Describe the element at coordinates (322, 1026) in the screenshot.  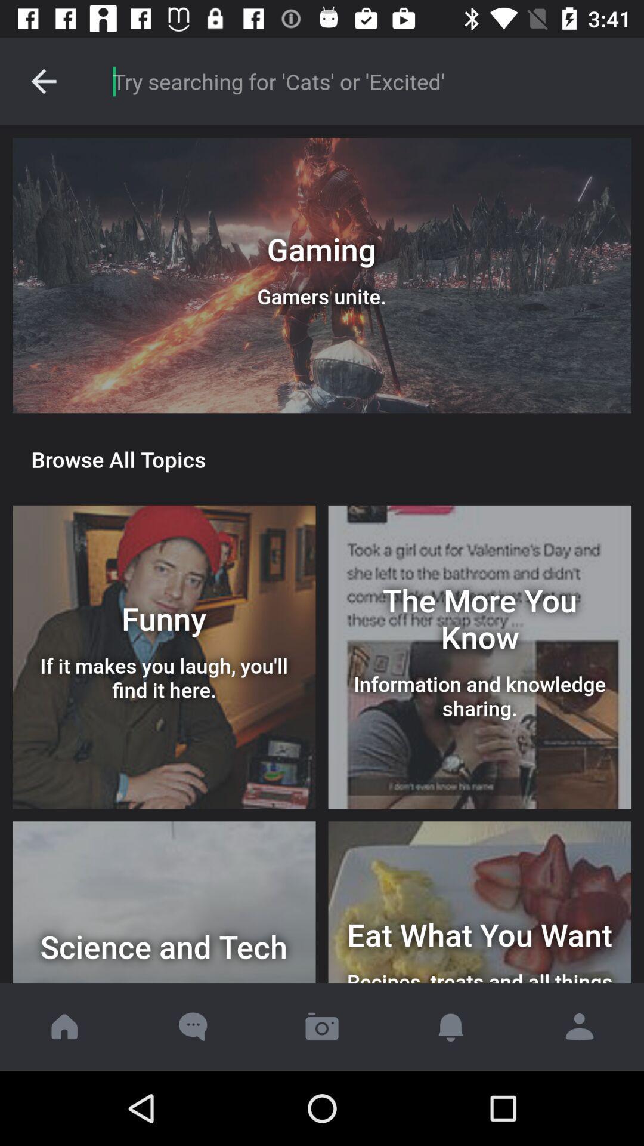
I see `image` at that location.